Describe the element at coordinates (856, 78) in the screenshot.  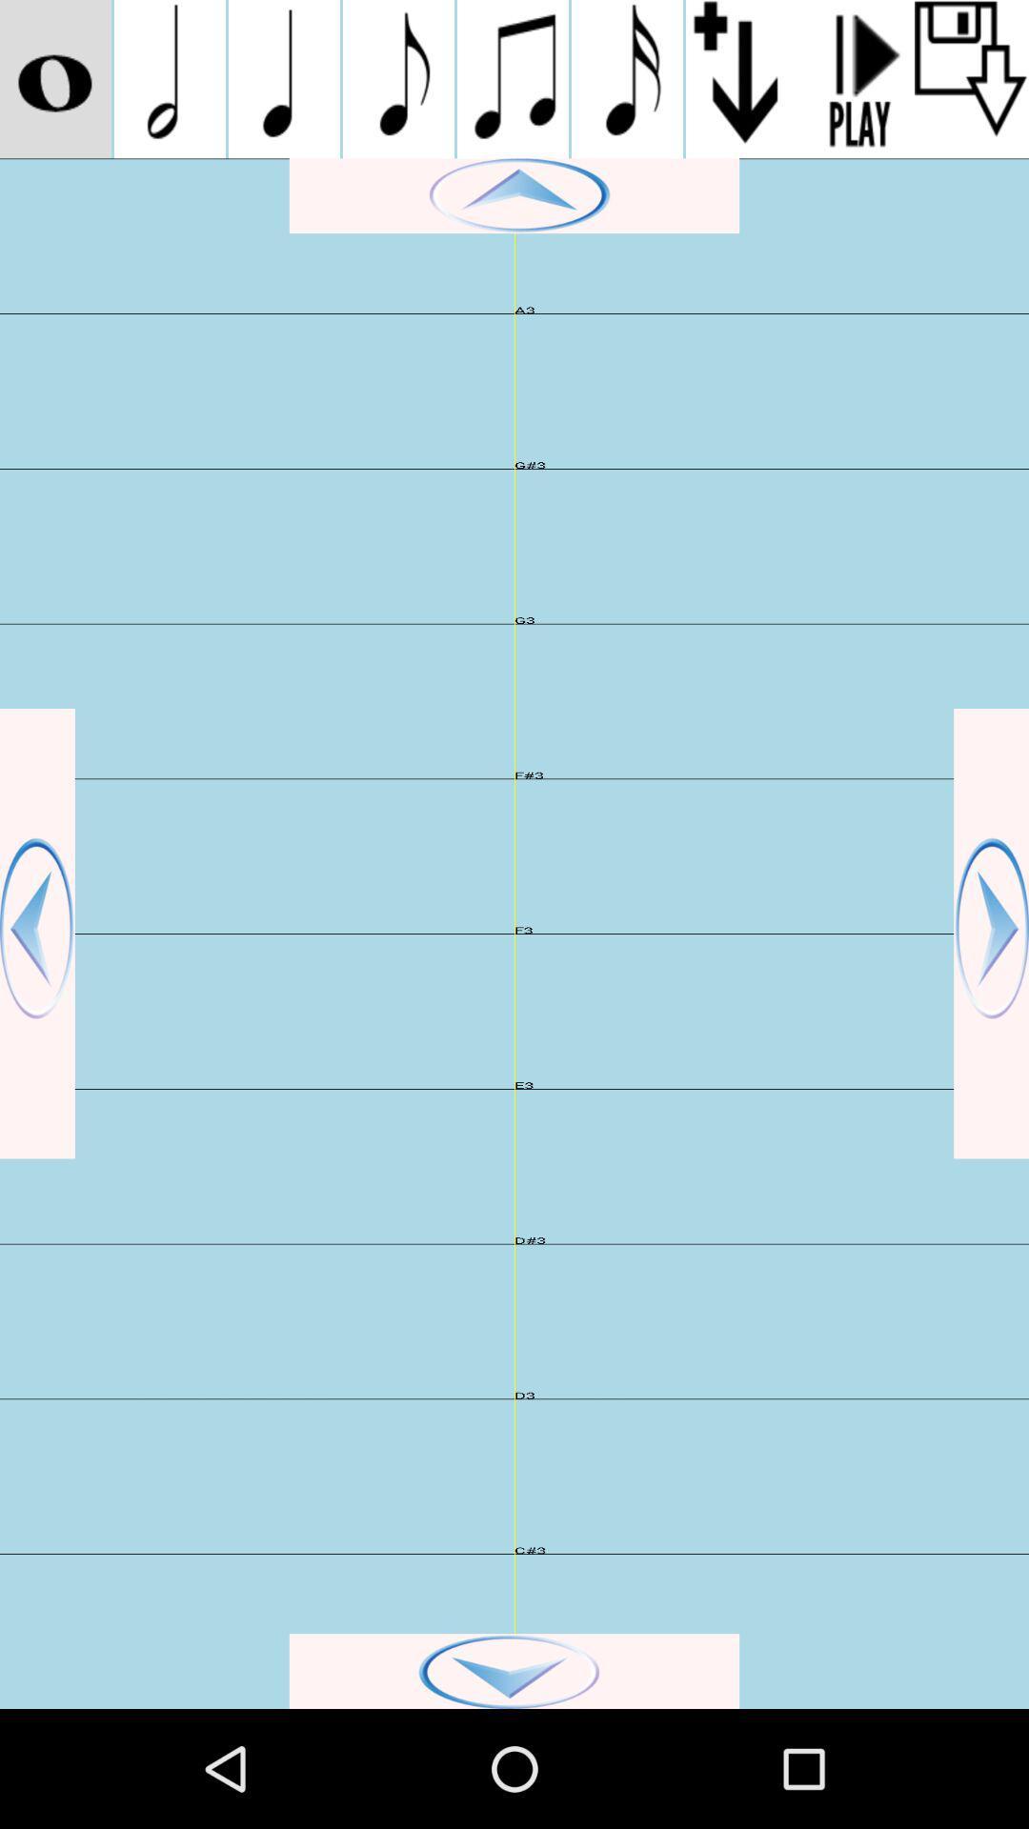
I see `plays the song` at that location.